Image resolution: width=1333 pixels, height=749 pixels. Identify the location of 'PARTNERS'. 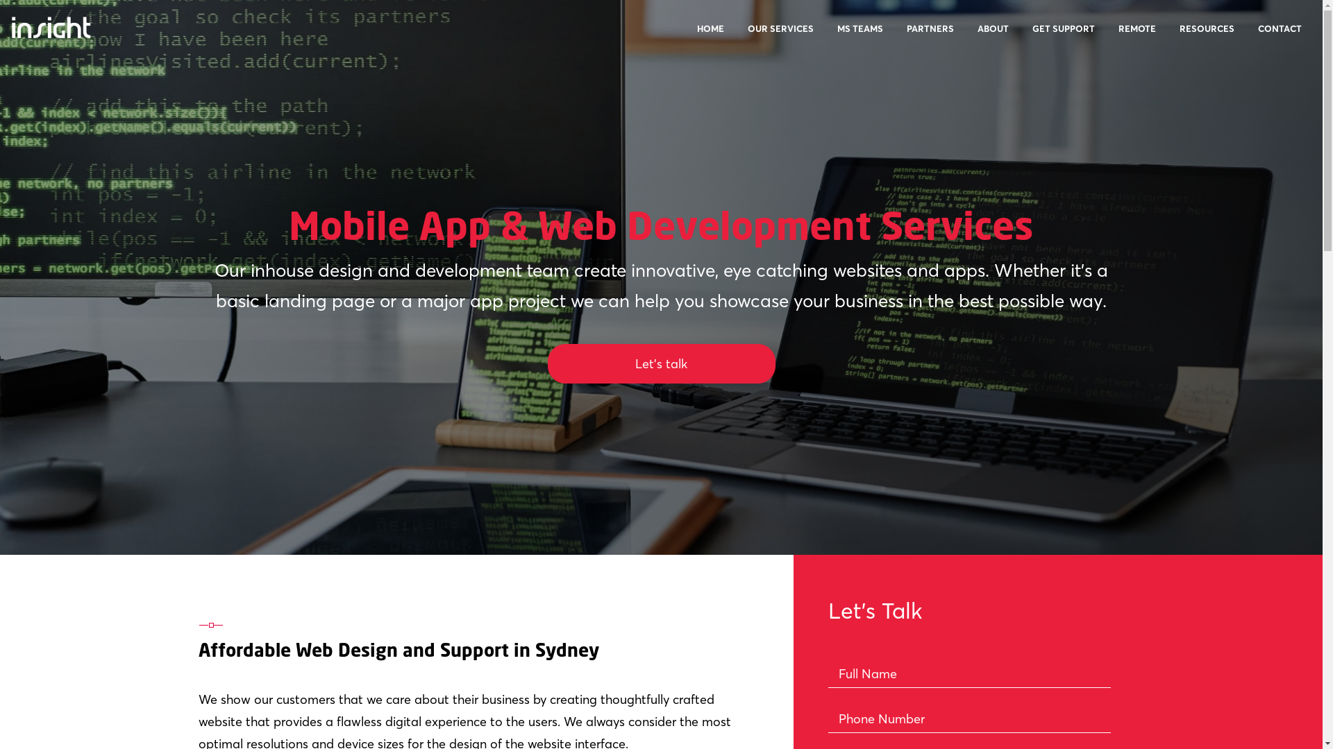
(930, 36).